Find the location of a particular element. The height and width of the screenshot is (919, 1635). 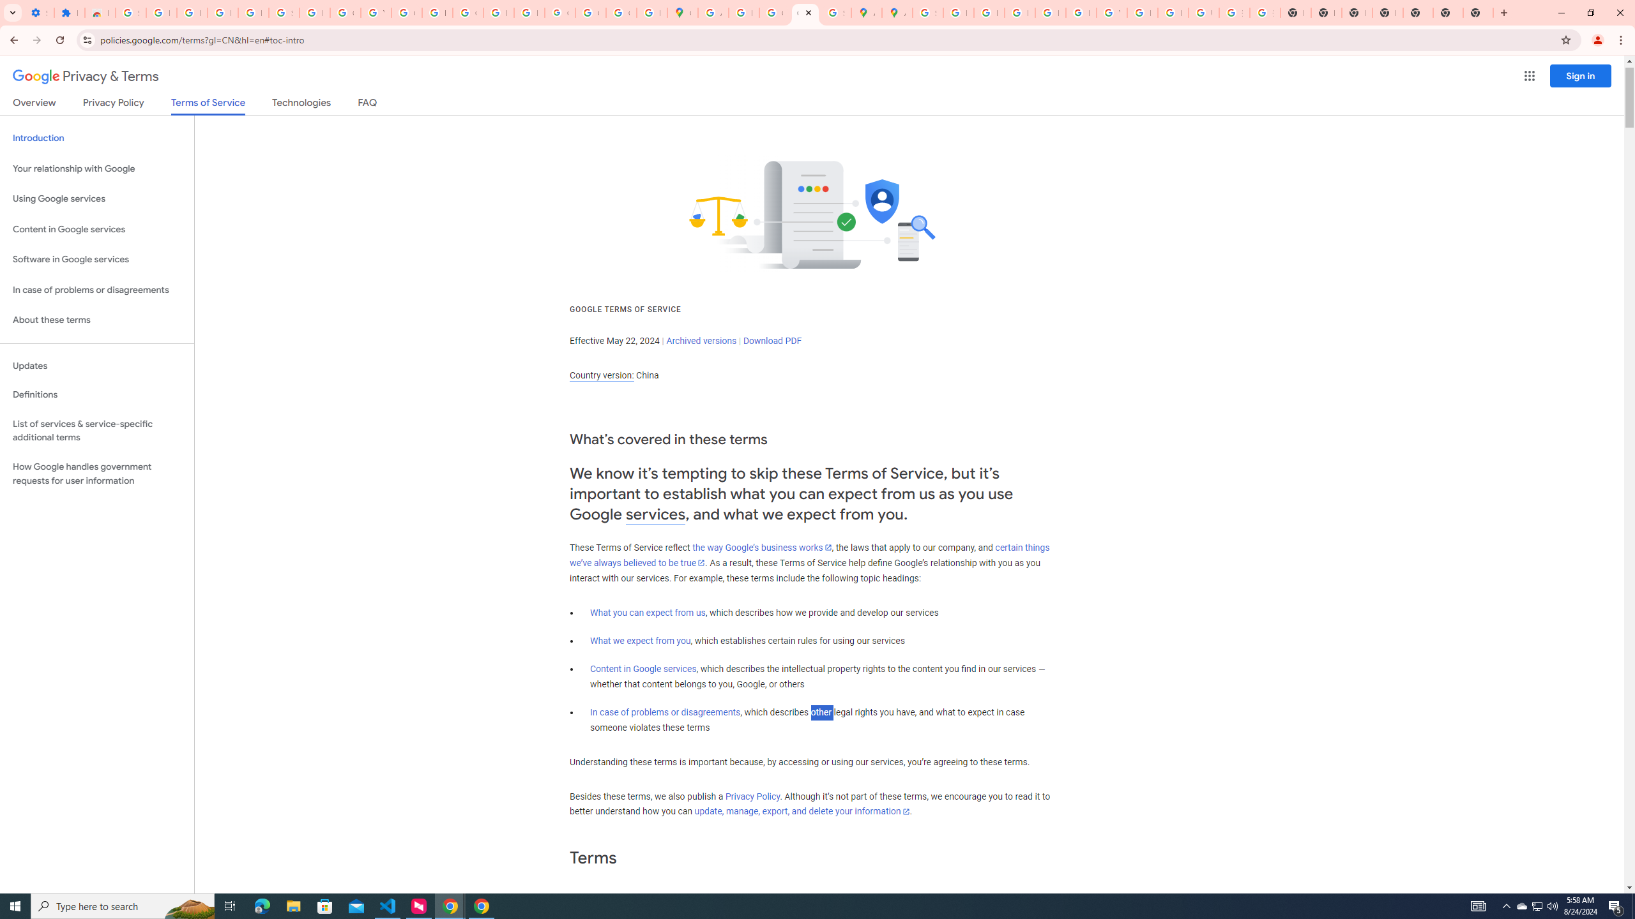

'Archived versions' is located at coordinates (701, 340).